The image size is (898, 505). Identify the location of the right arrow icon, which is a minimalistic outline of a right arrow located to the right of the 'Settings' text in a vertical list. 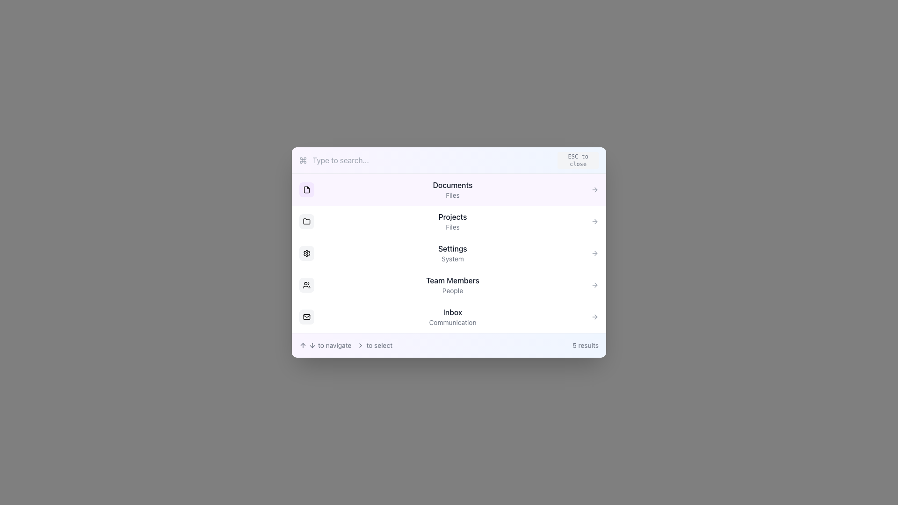
(595, 253).